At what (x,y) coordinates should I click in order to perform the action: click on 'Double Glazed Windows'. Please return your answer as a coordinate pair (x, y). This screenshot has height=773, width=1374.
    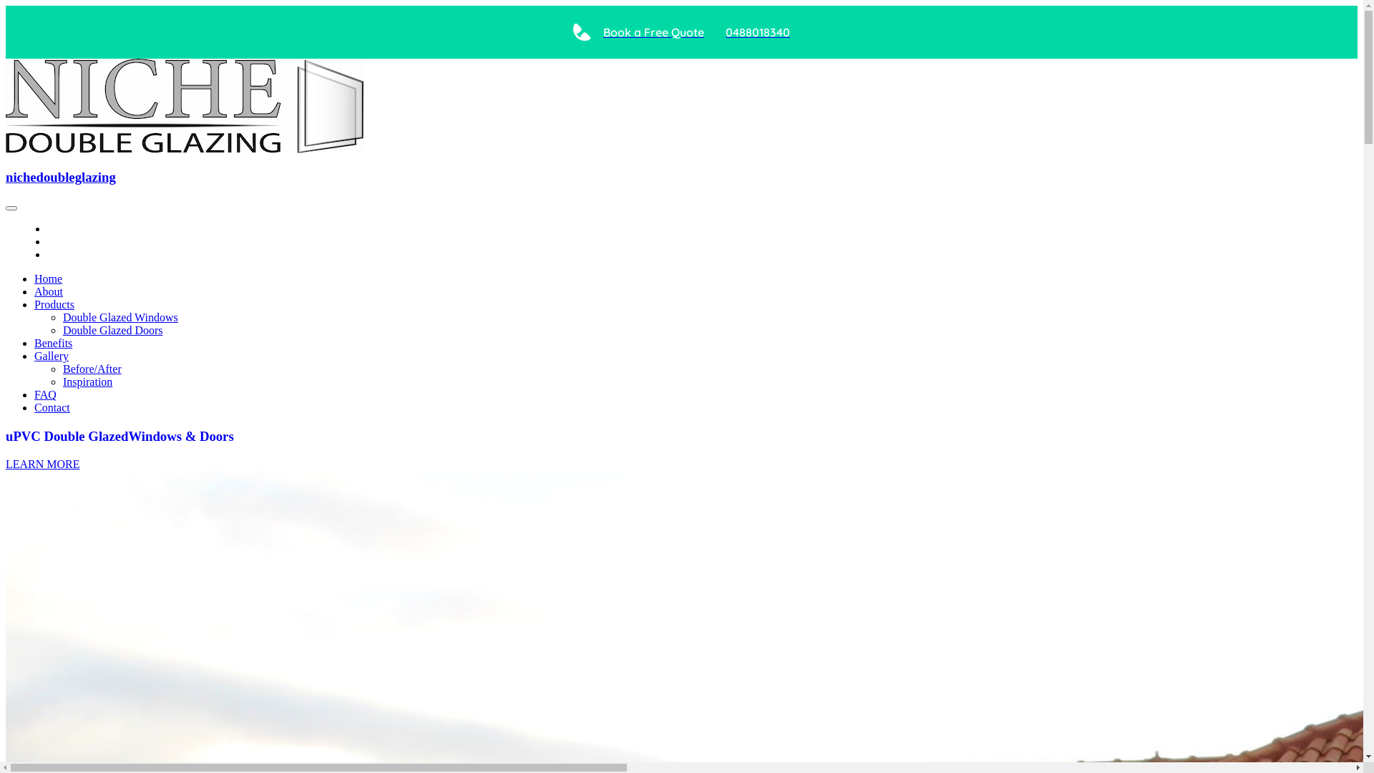
    Looking at the image, I should click on (120, 316).